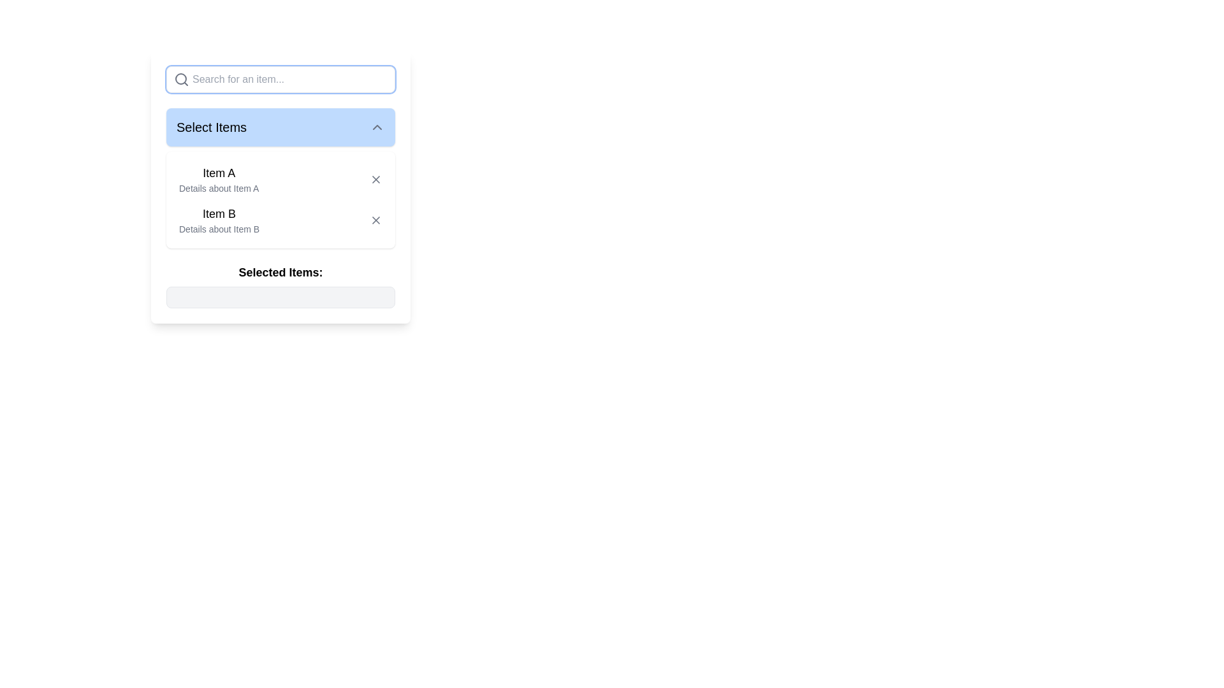 The image size is (1224, 688). What do you see at coordinates (211, 127) in the screenshot?
I see `the text label that indicates the purpose of the dropdown selection, which is positioned within a blue rounded rectangle below the search bar` at bounding box center [211, 127].